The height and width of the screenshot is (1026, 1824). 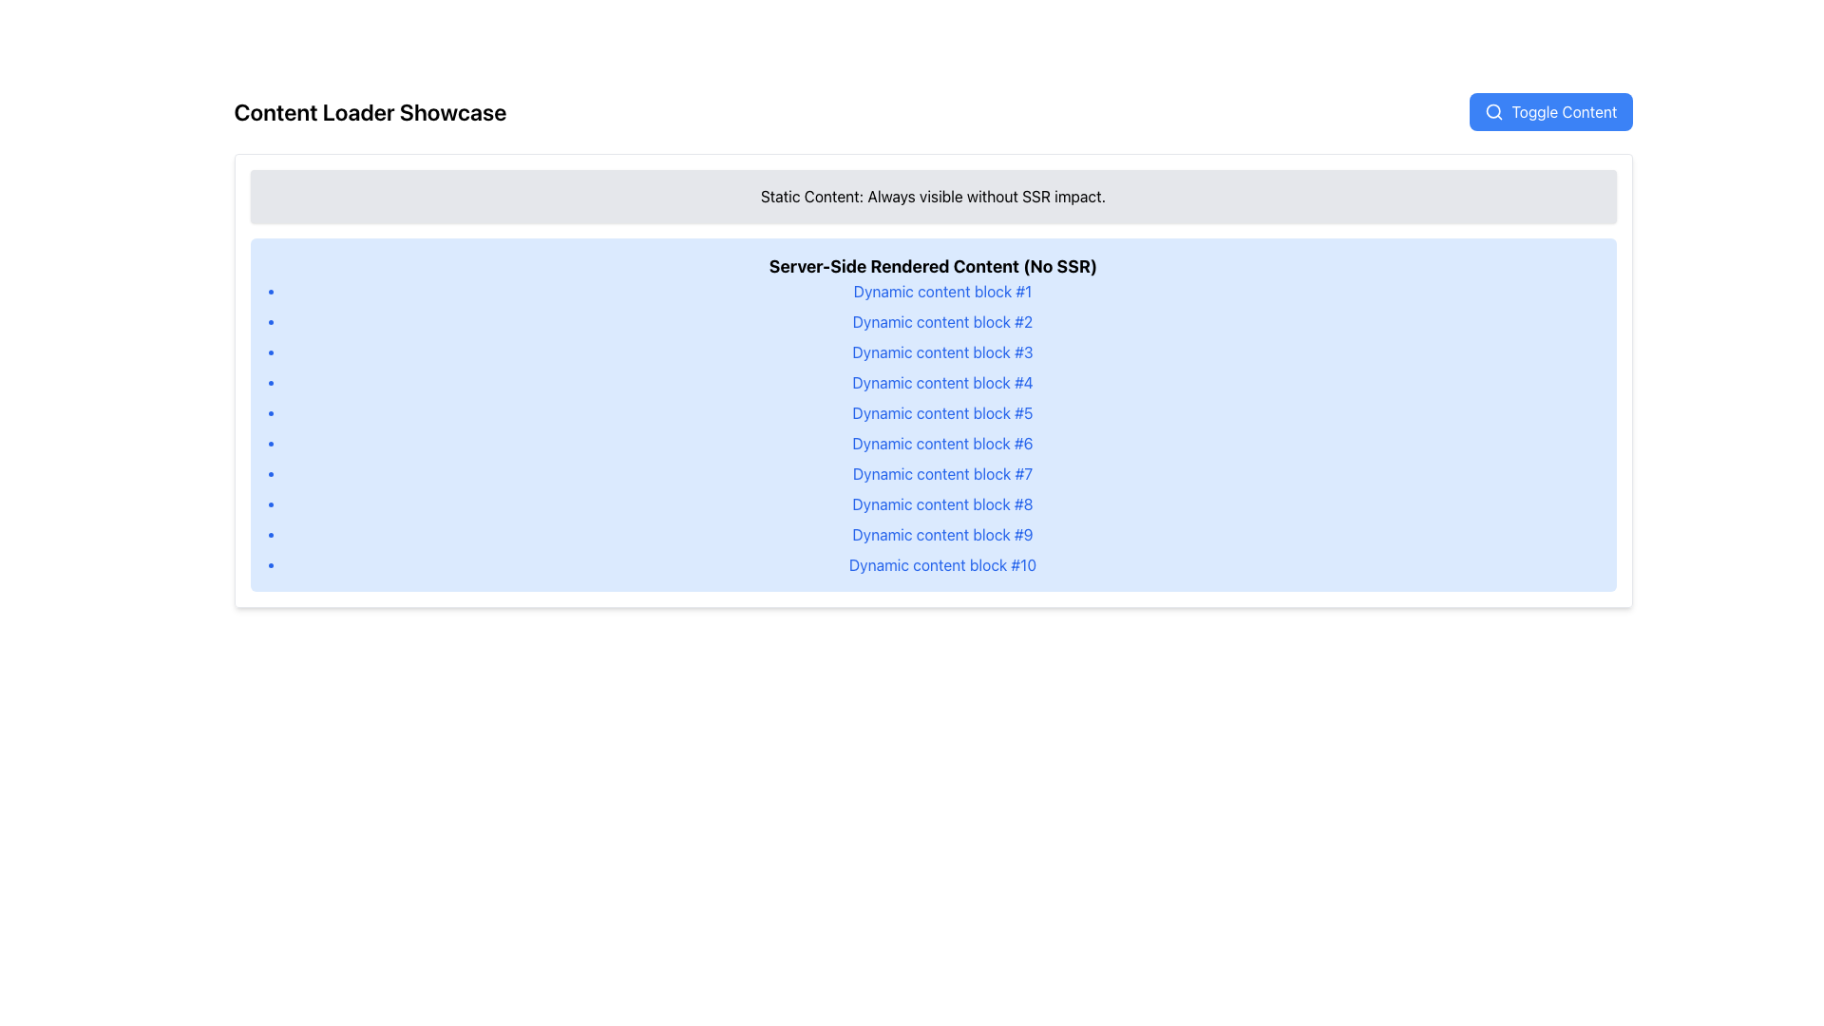 What do you see at coordinates (942, 412) in the screenshot?
I see `the fifth blue-text item in the list, which is part of a light blue section of the page` at bounding box center [942, 412].